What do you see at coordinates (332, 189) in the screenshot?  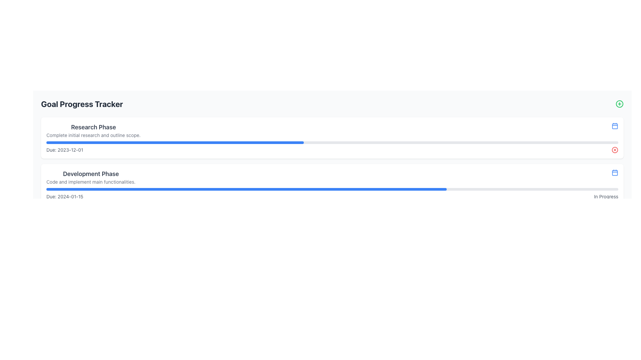 I see `the progress bar located directly below the 'Development Phase' header, which is styled in gray with a blue filled portion to indicate progress` at bounding box center [332, 189].